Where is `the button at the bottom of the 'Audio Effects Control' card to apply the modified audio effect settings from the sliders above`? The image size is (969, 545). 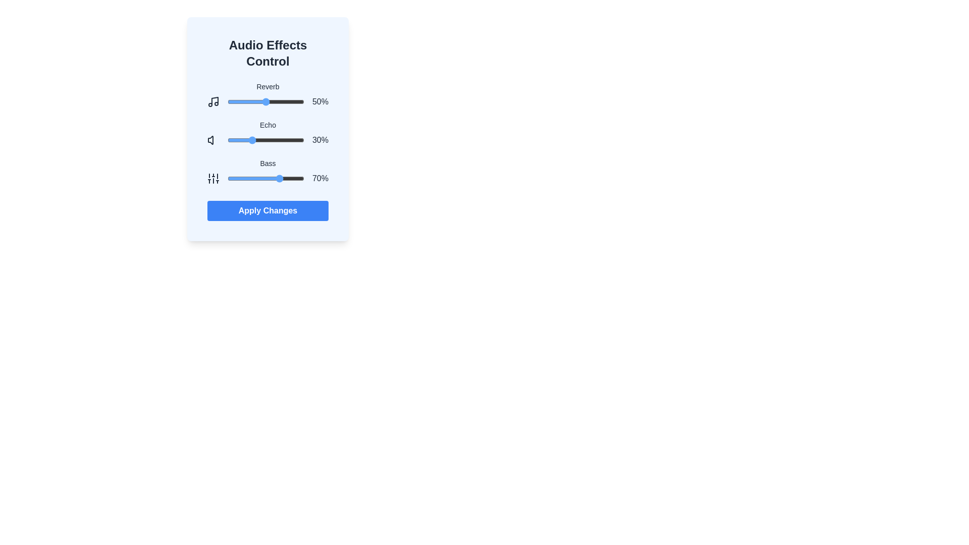 the button at the bottom of the 'Audio Effects Control' card to apply the modified audio effect settings from the sliders above is located at coordinates (268, 210).